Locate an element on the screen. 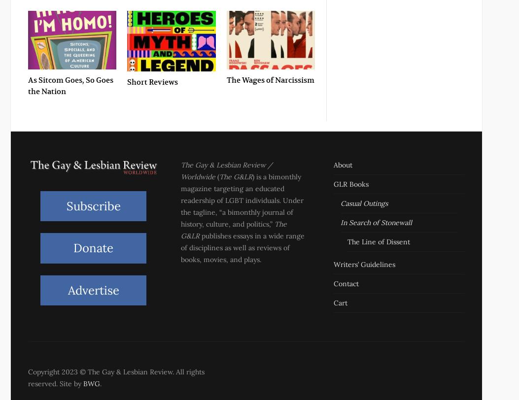 This screenshot has width=519, height=400. '(' is located at coordinates (216, 176).